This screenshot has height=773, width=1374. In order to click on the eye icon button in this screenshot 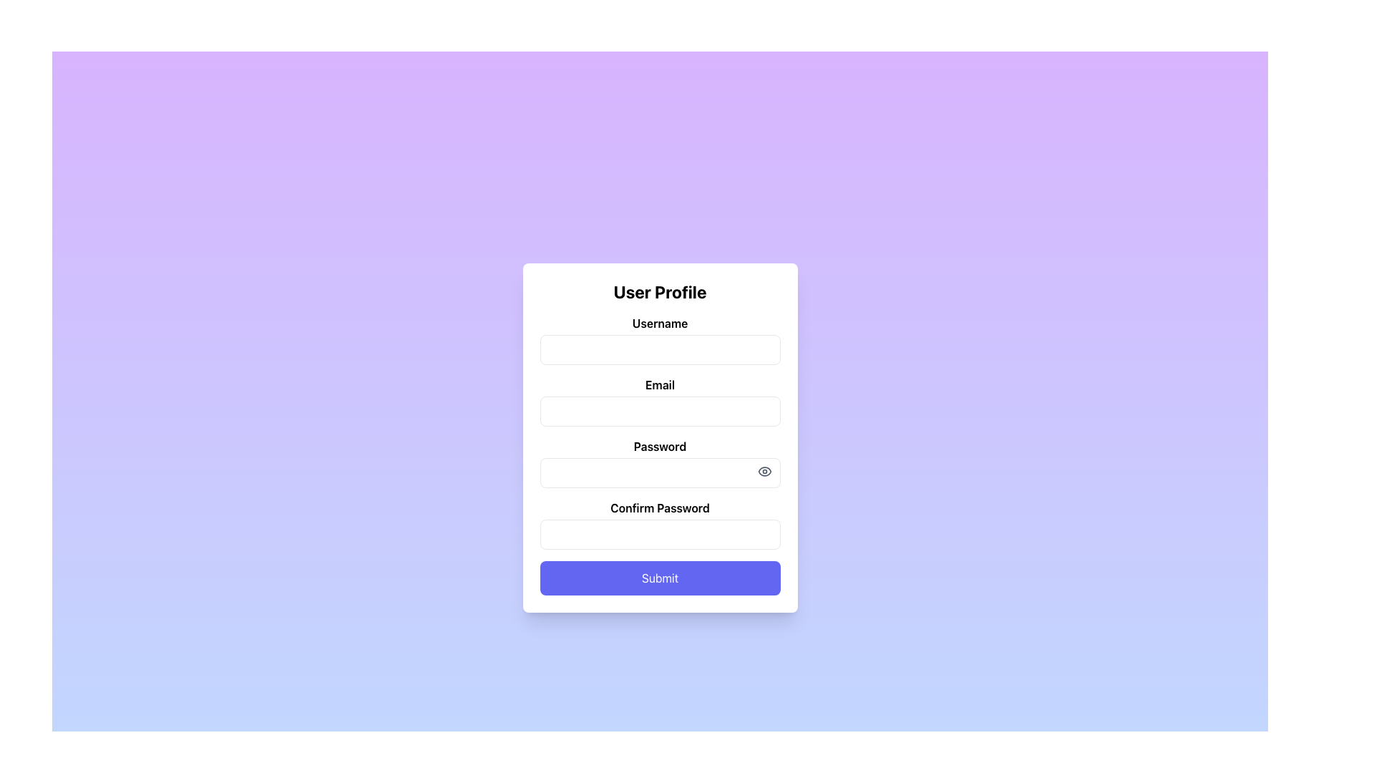, I will do `click(764, 471)`.